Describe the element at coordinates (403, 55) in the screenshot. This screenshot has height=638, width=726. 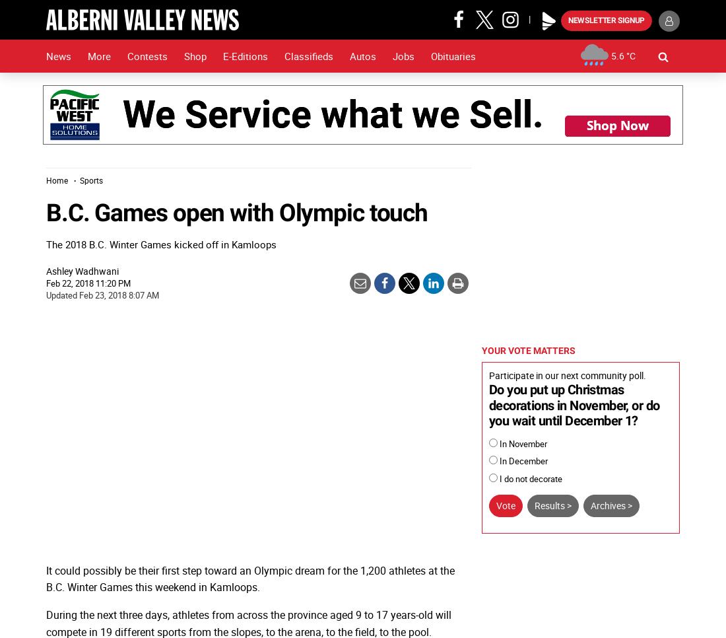
I see `'Jobs'` at that location.